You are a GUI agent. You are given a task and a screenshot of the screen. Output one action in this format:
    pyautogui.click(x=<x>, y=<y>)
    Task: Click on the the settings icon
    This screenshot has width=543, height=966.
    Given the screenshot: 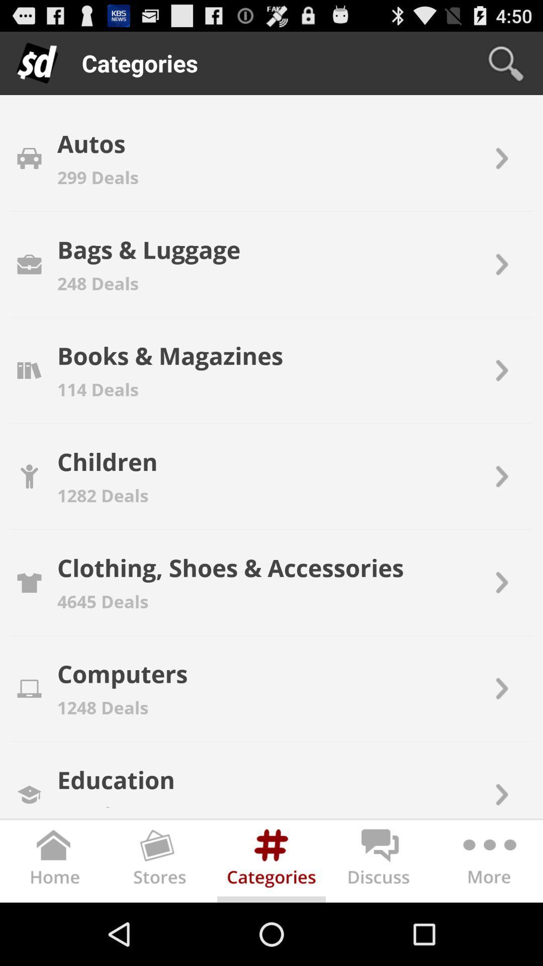 What is the action you would take?
    pyautogui.click(x=271, y=924)
    